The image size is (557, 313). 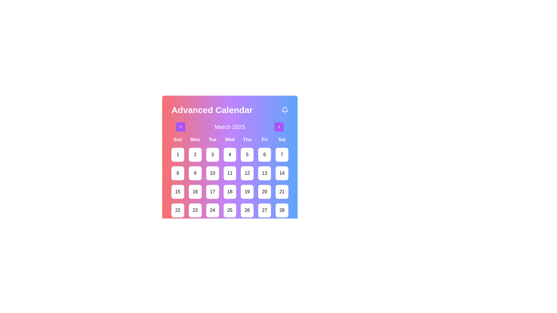 What do you see at coordinates (247, 173) in the screenshot?
I see `on the calendar date cell representing the 12th day of March 2025` at bounding box center [247, 173].